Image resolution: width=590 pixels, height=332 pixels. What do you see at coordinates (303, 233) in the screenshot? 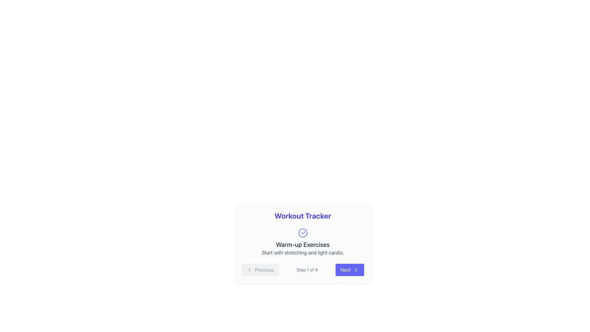
I see `the circular check mark icon with a light indigo color, which is centrally aligned above the 'Warm-up Exercises' title and below the 'Workout Tracker' heading` at bounding box center [303, 233].